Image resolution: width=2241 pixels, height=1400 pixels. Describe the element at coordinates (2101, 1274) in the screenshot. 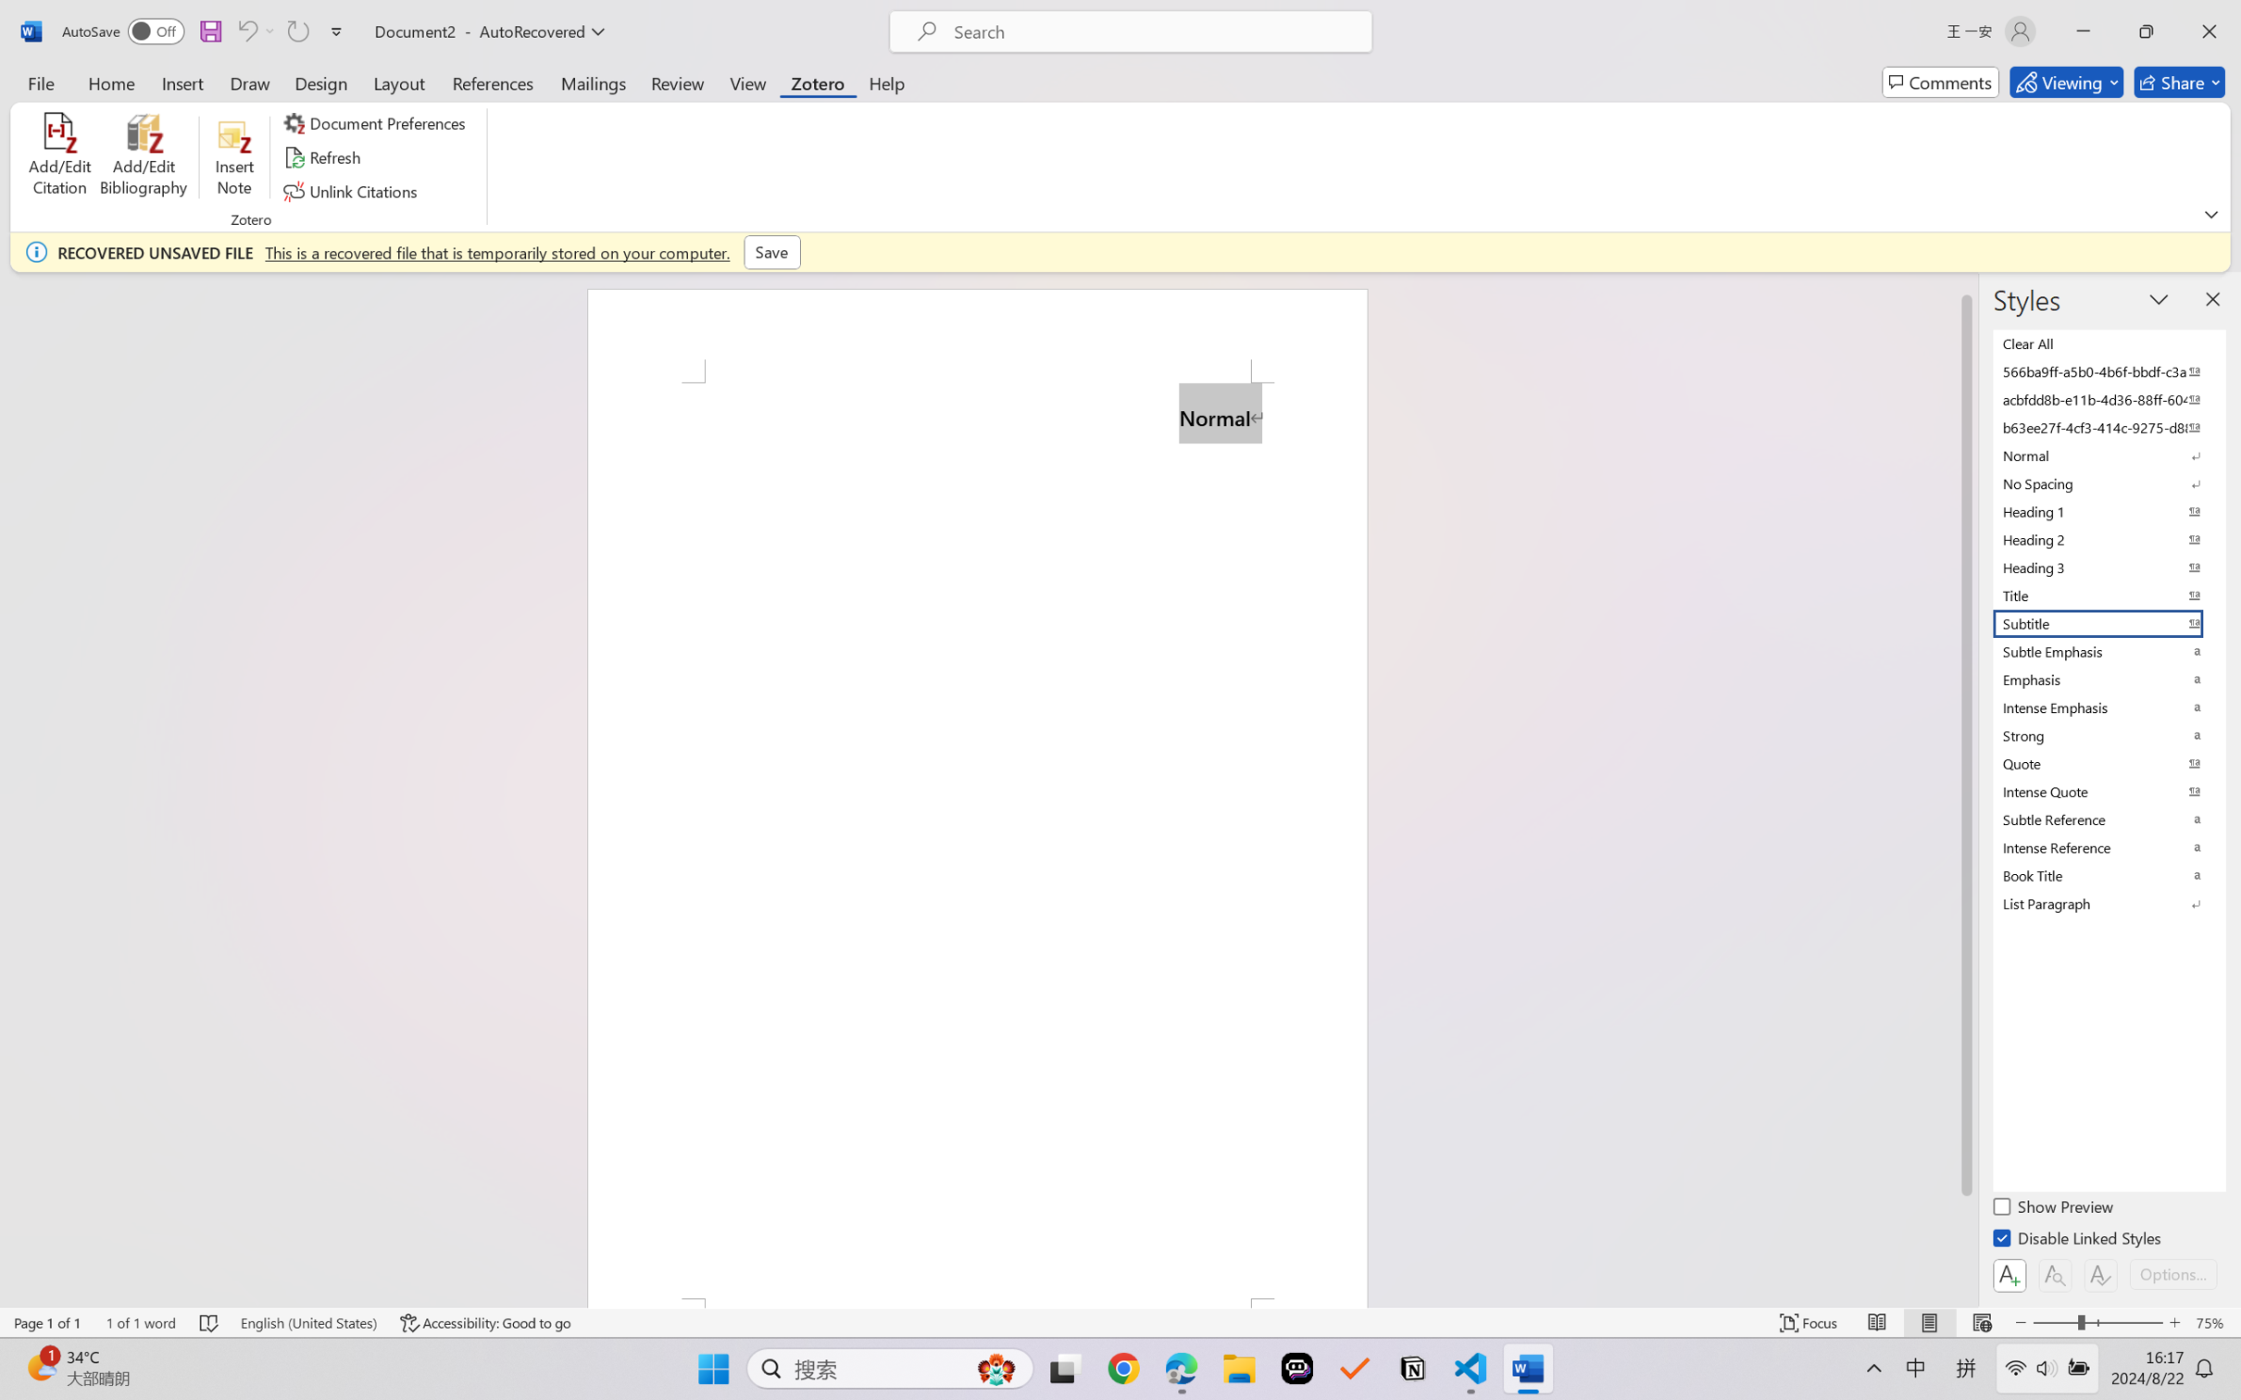

I see `'Class: NetUIButton'` at that location.